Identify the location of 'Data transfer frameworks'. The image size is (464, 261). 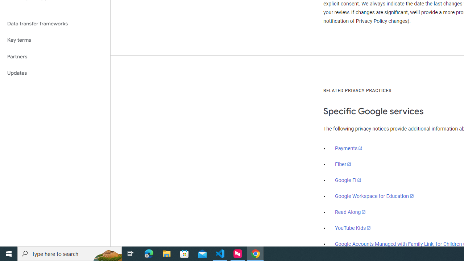
(55, 23).